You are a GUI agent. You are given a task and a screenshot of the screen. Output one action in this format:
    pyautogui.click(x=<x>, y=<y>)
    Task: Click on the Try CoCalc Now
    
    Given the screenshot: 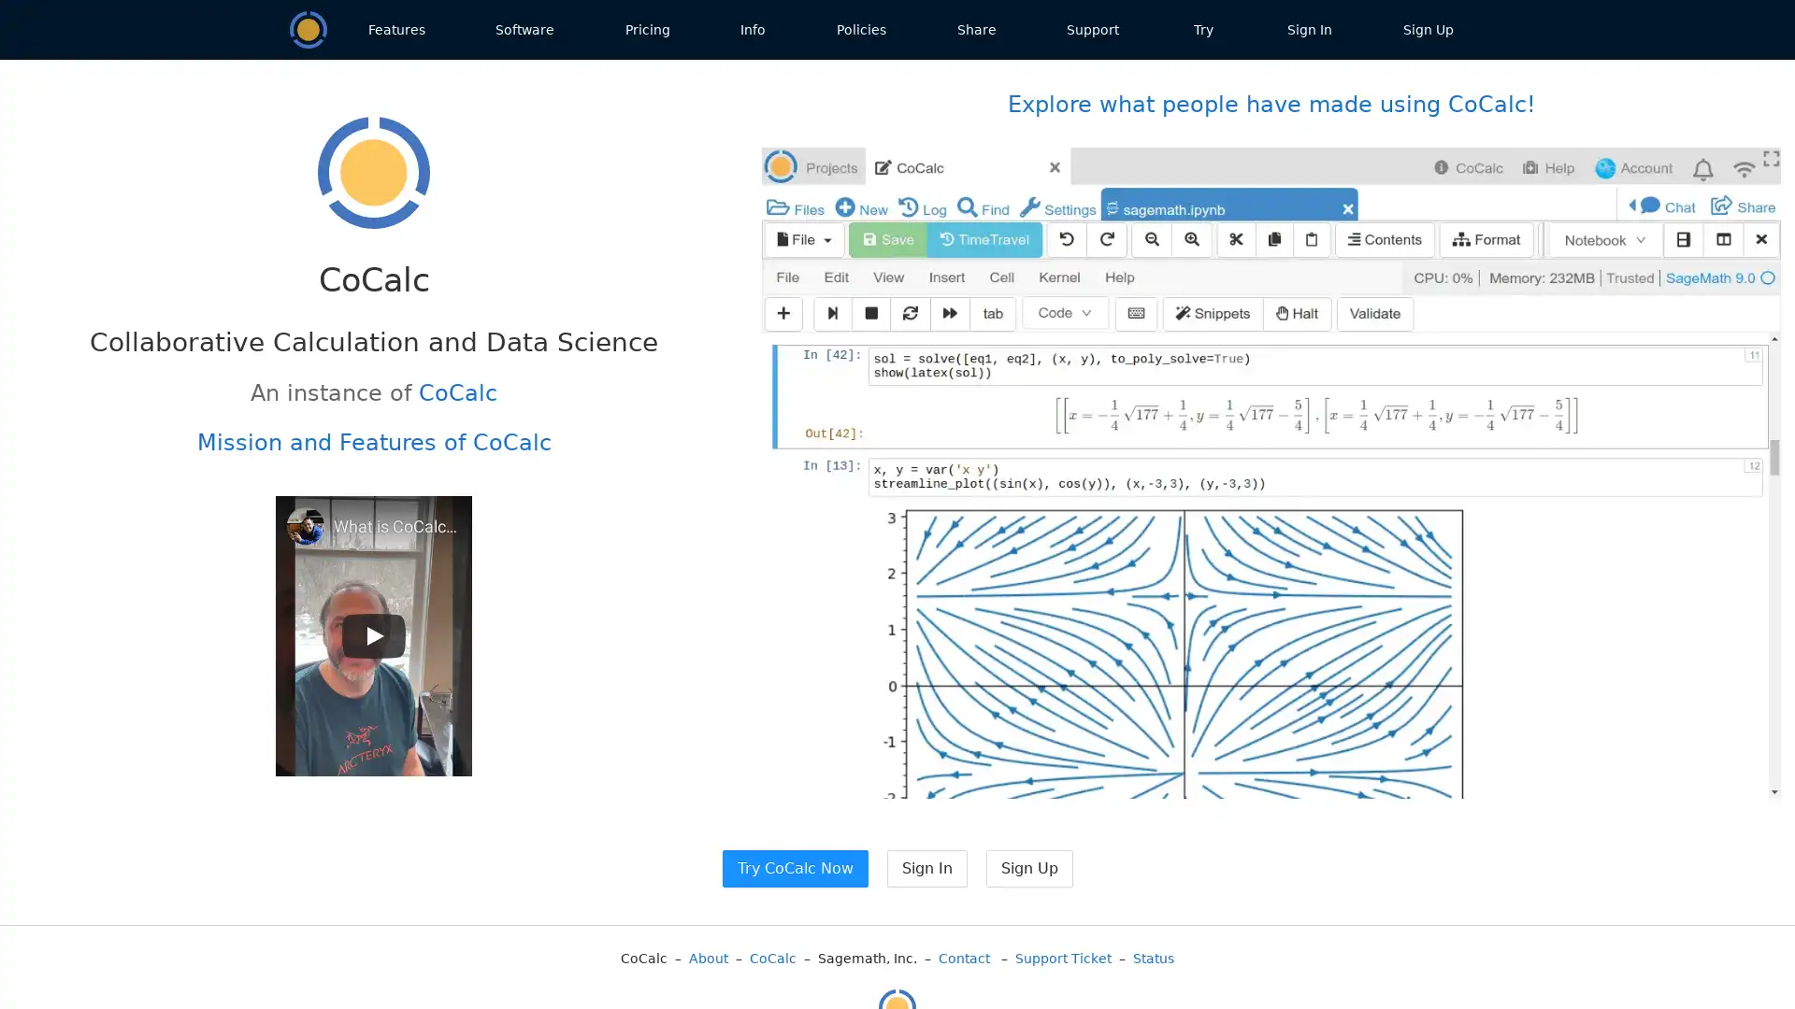 What is the action you would take?
    pyautogui.click(x=794, y=868)
    